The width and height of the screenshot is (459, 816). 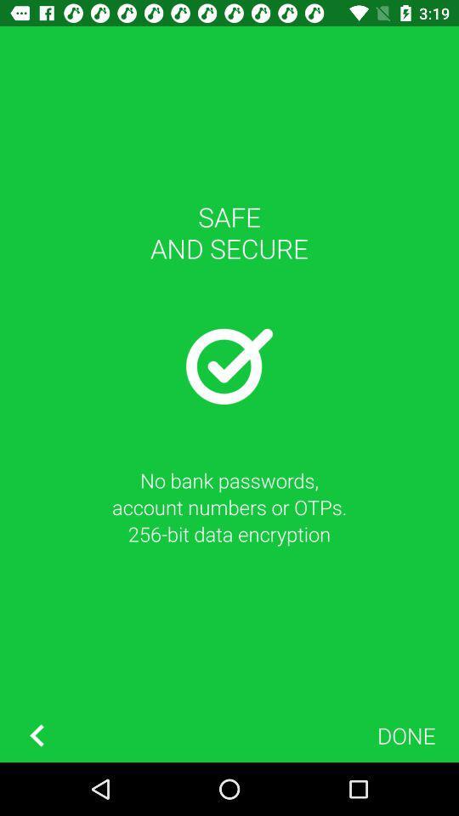 What do you see at coordinates (405, 734) in the screenshot?
I see `the done at the bottom right corner` at bounding box center [405, 734].